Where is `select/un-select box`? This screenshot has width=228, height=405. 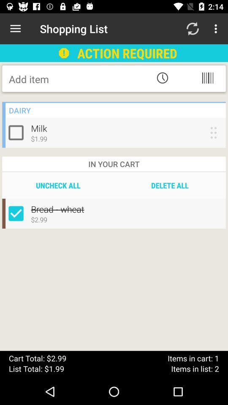 select/un-select box is located at coordinates (18, 213).